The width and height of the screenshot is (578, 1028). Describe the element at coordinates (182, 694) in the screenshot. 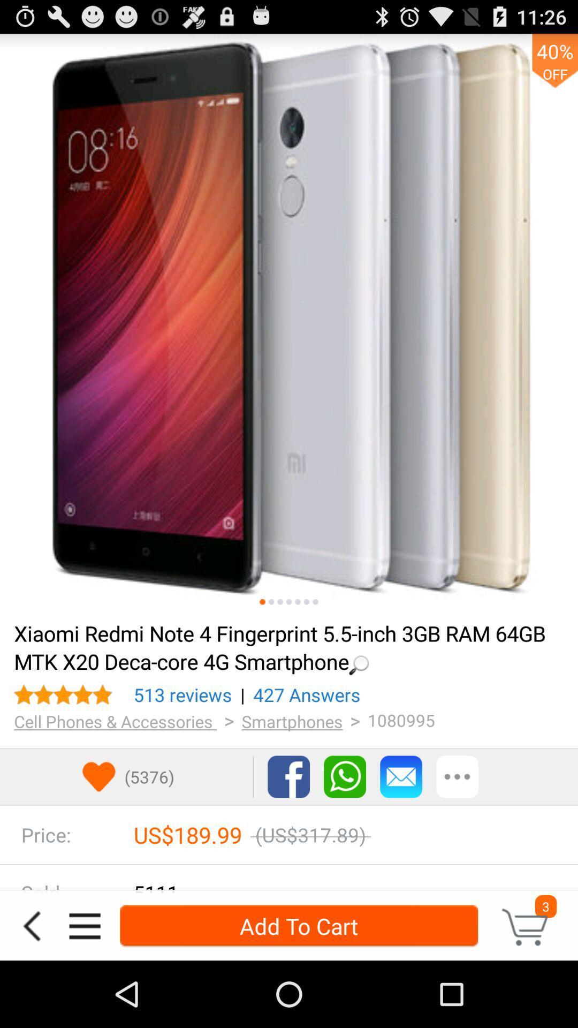

I see `the item above > app` at that location.